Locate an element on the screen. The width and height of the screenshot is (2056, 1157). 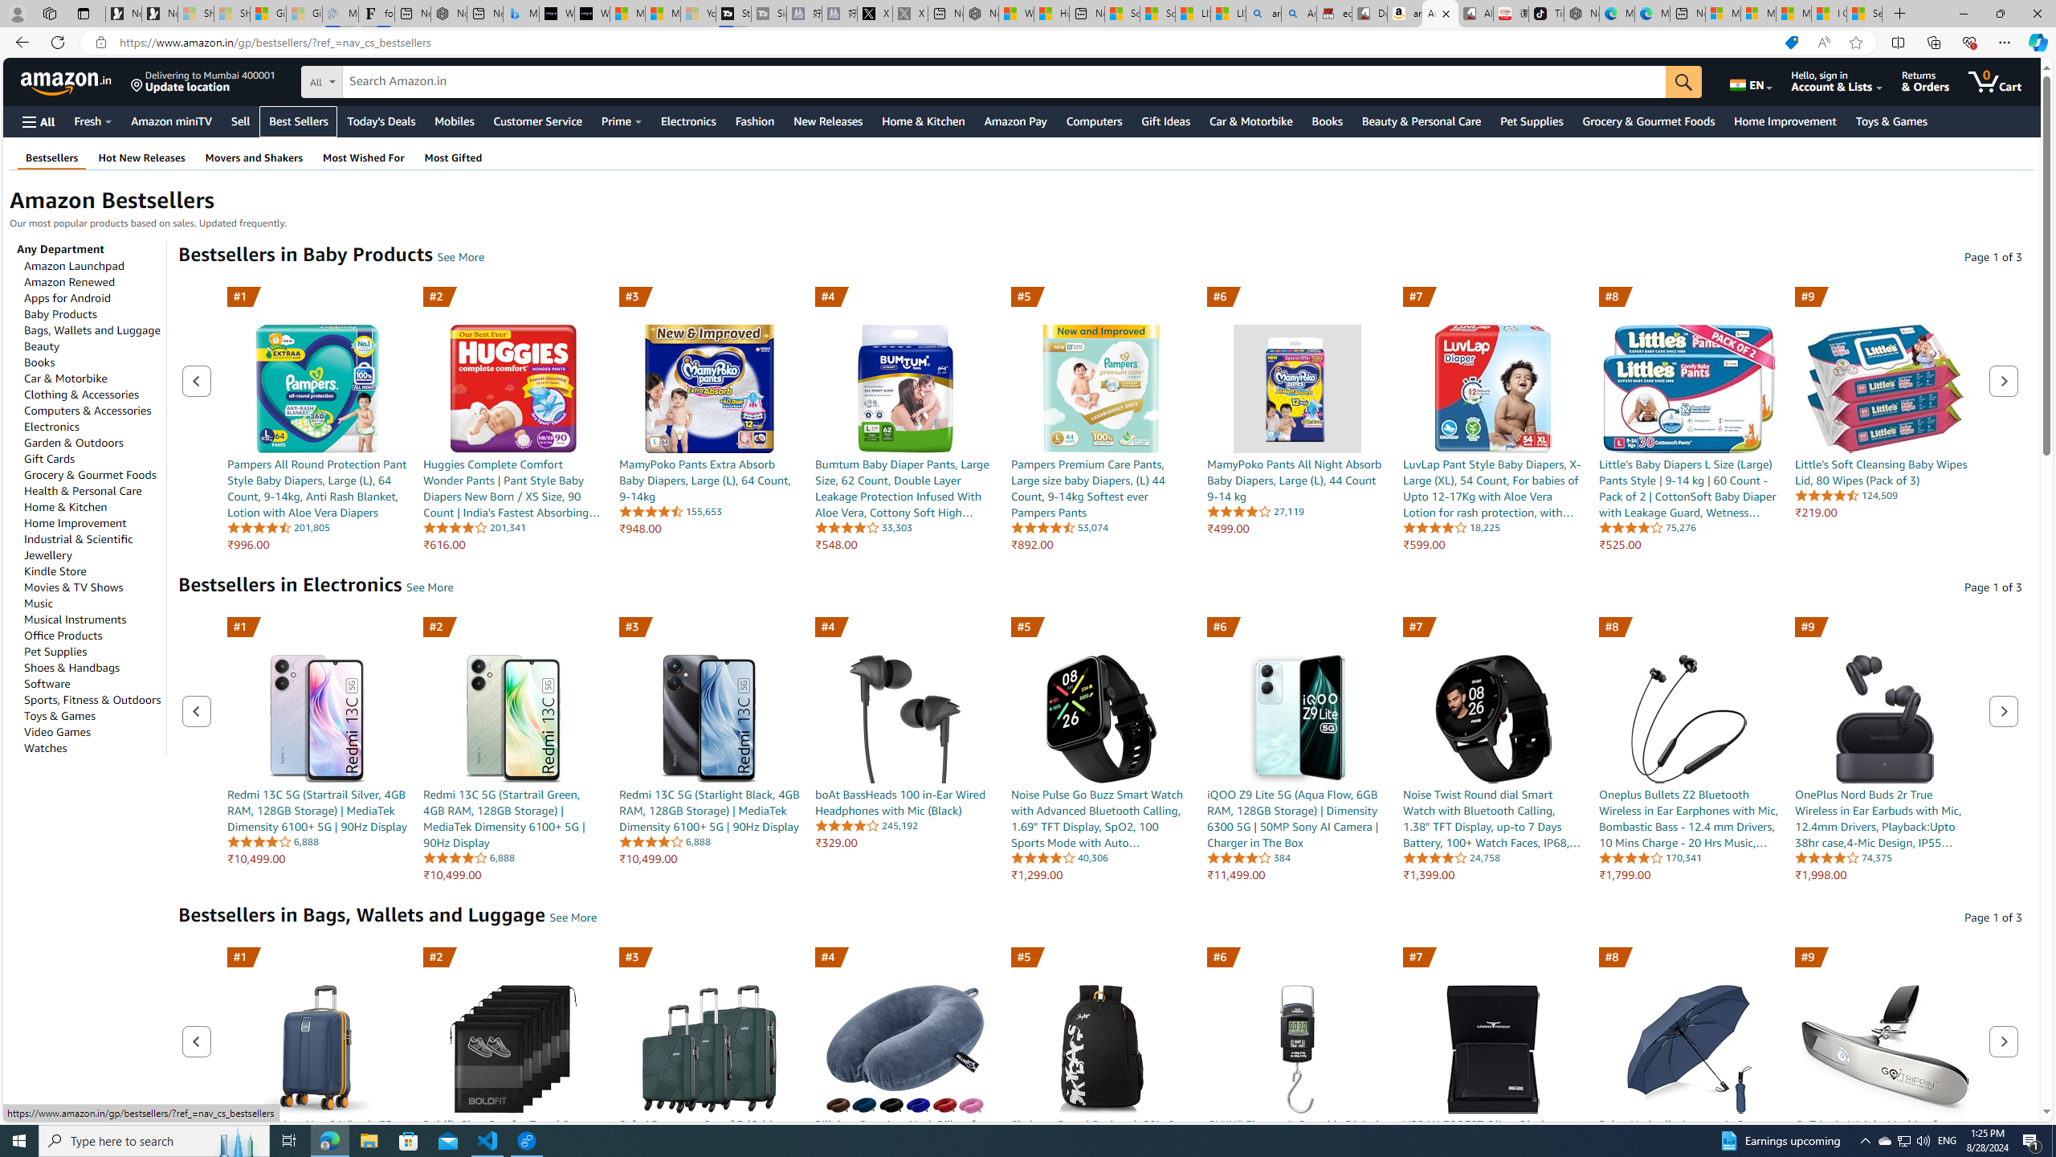
'Wildlife - MSN' is located at coordinates (1014, 13).